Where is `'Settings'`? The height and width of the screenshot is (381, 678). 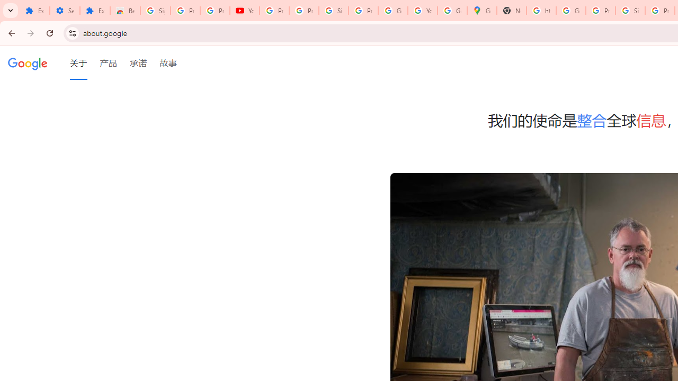
'Settings' is located at coordinates (64, 11).